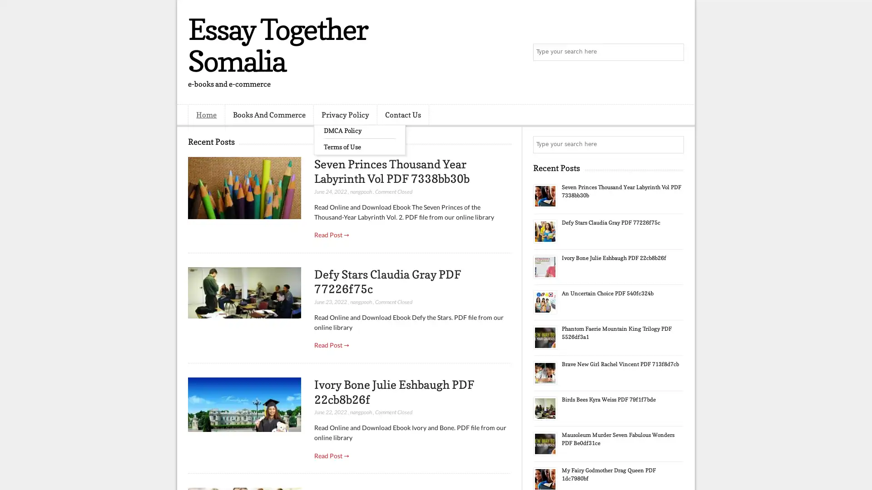  What do you see at coordinates (674, 144) in the screenshot?
I see `Search` at bounding box center [674, 144].